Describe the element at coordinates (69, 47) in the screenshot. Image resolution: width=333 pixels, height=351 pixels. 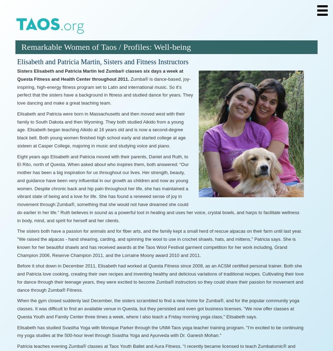
I see `'Remarkable Women of Taos'` at that location.